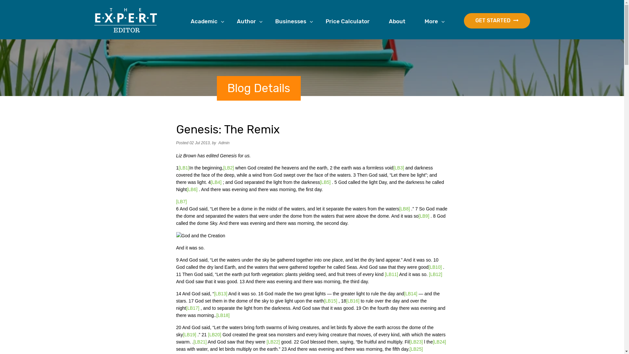  I want to click on '[LB13]', so click(220, 293).